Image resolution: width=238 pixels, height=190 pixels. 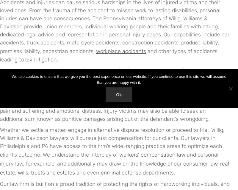 I want to click on 'real estate', so click(x=114, y=168).